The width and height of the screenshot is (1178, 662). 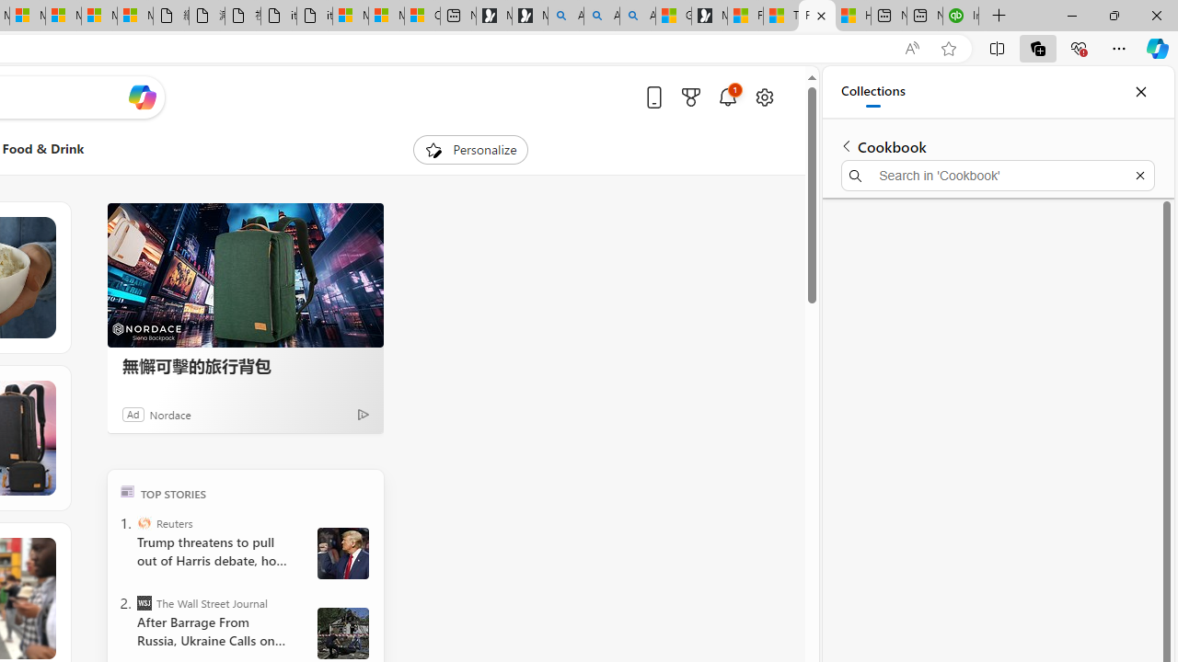 What do you see at coordinates (912, 48) in the screenshot?
I see `'Read aloud this page (Ctrl+Shift+U)'` at bounding box center [912, 48].